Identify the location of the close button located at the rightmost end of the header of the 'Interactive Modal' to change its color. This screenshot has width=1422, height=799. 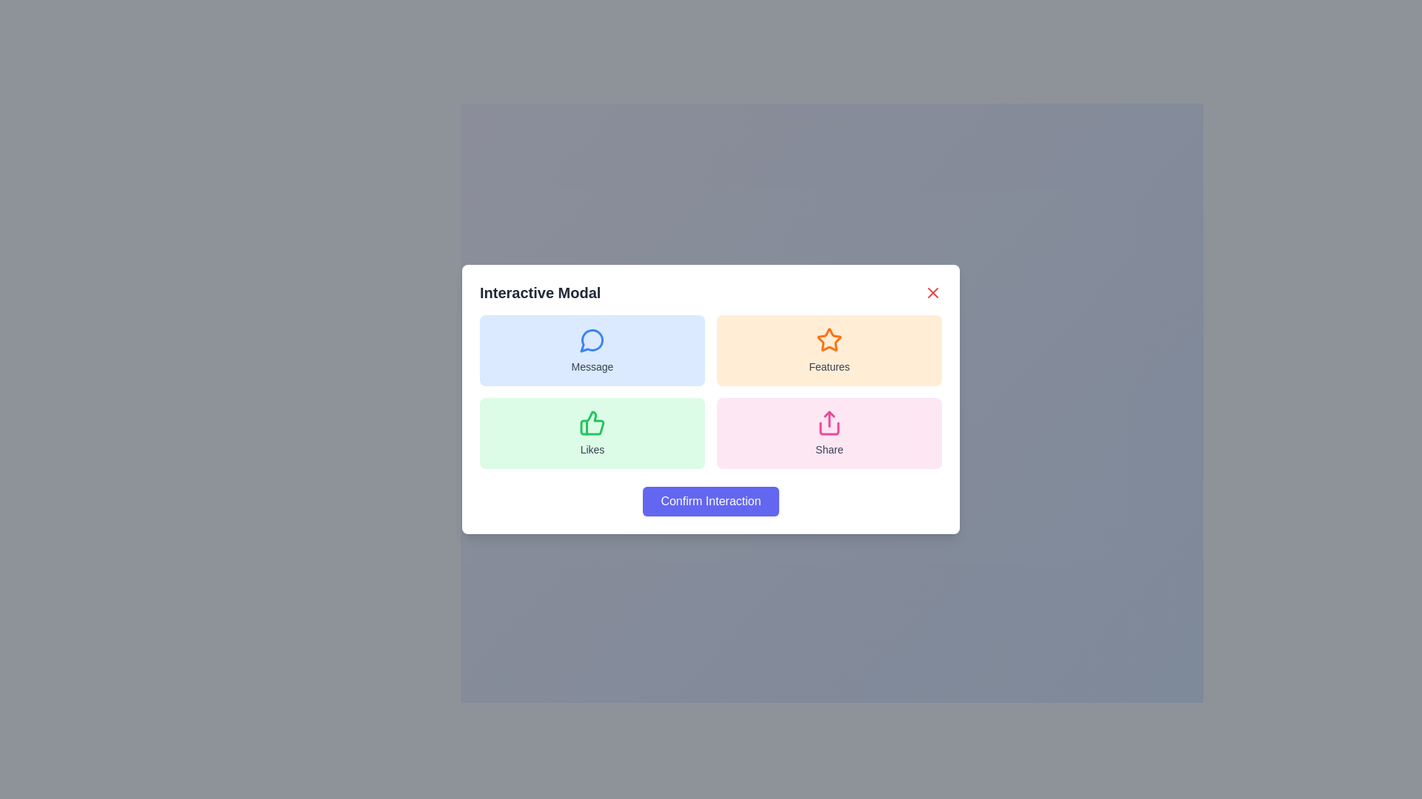
(932, 293).